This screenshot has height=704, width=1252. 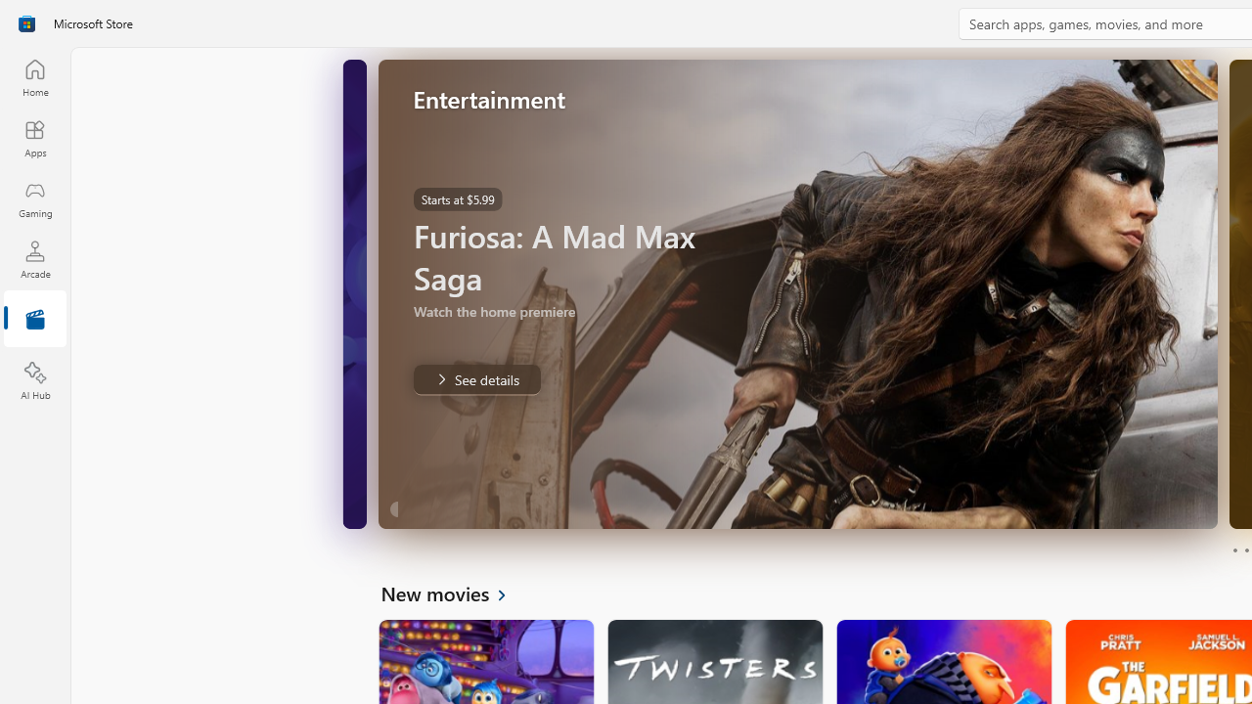 I want to click on 'Home', so click(x=34, y=76).